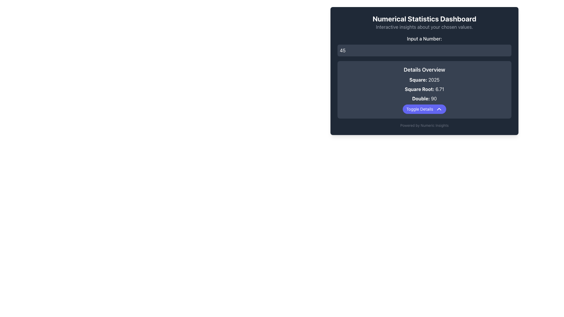  Describe the element at coordinates (421, 98) in the screenshot. I see `the textual label displaying 'Double:' which is styled in white font on a dark background, located under the 'Details Overview' section to the left of the value '90'` at that location.